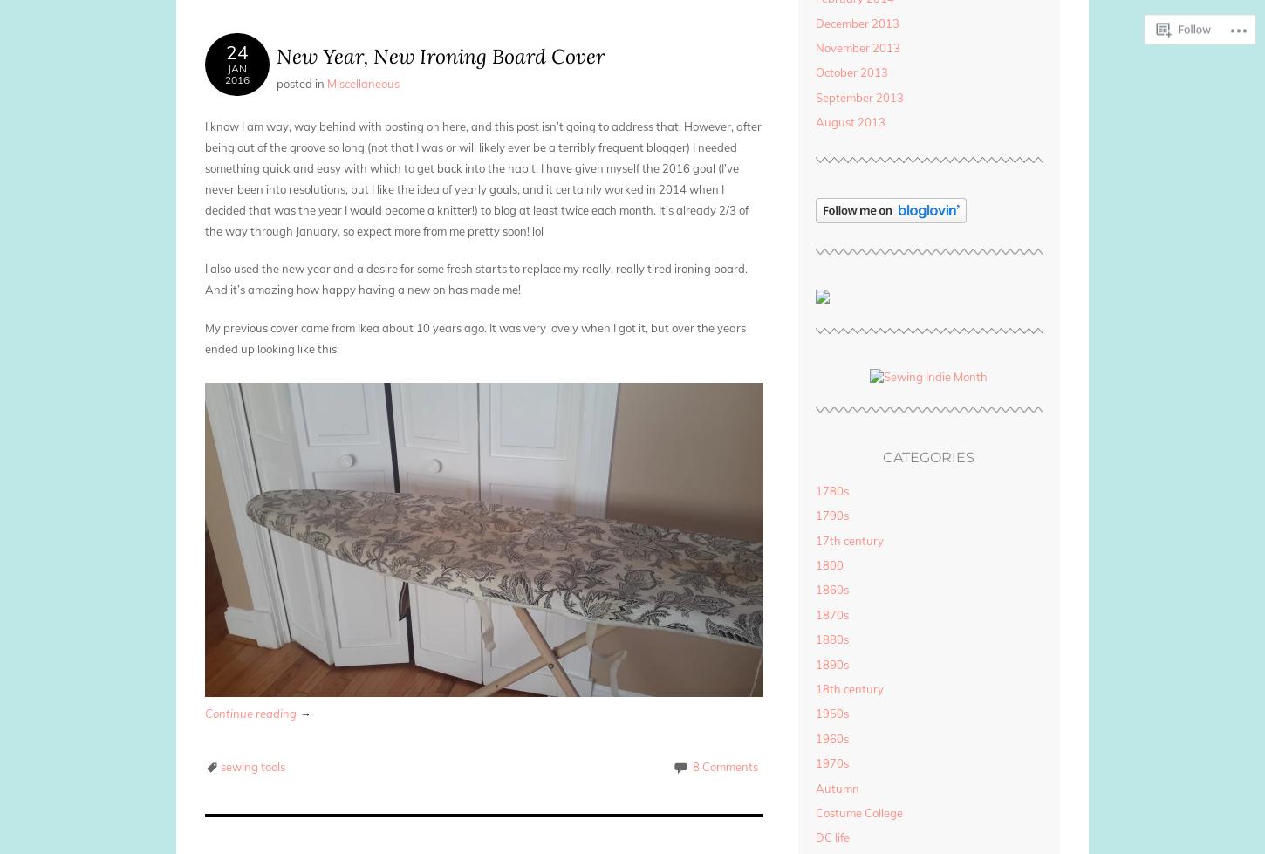  Describe the element at coordinates (204, 337) in the screenshot. I see `'My previous cover came from Ikea about 10 years ago. It was very lovely when I got it, but over the years ended up looking like this:'` at that location.